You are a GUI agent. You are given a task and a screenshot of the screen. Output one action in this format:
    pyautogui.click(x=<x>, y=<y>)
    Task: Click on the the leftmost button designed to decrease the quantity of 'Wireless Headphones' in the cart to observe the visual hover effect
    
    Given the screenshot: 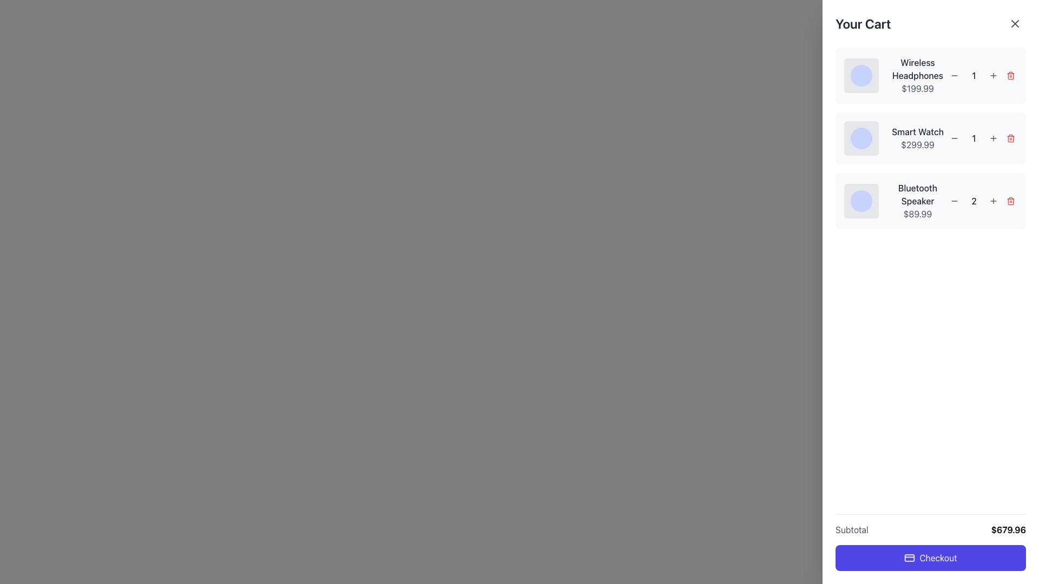 What is the action you would take?
    pyautogui.click(x=954, y=75)
    